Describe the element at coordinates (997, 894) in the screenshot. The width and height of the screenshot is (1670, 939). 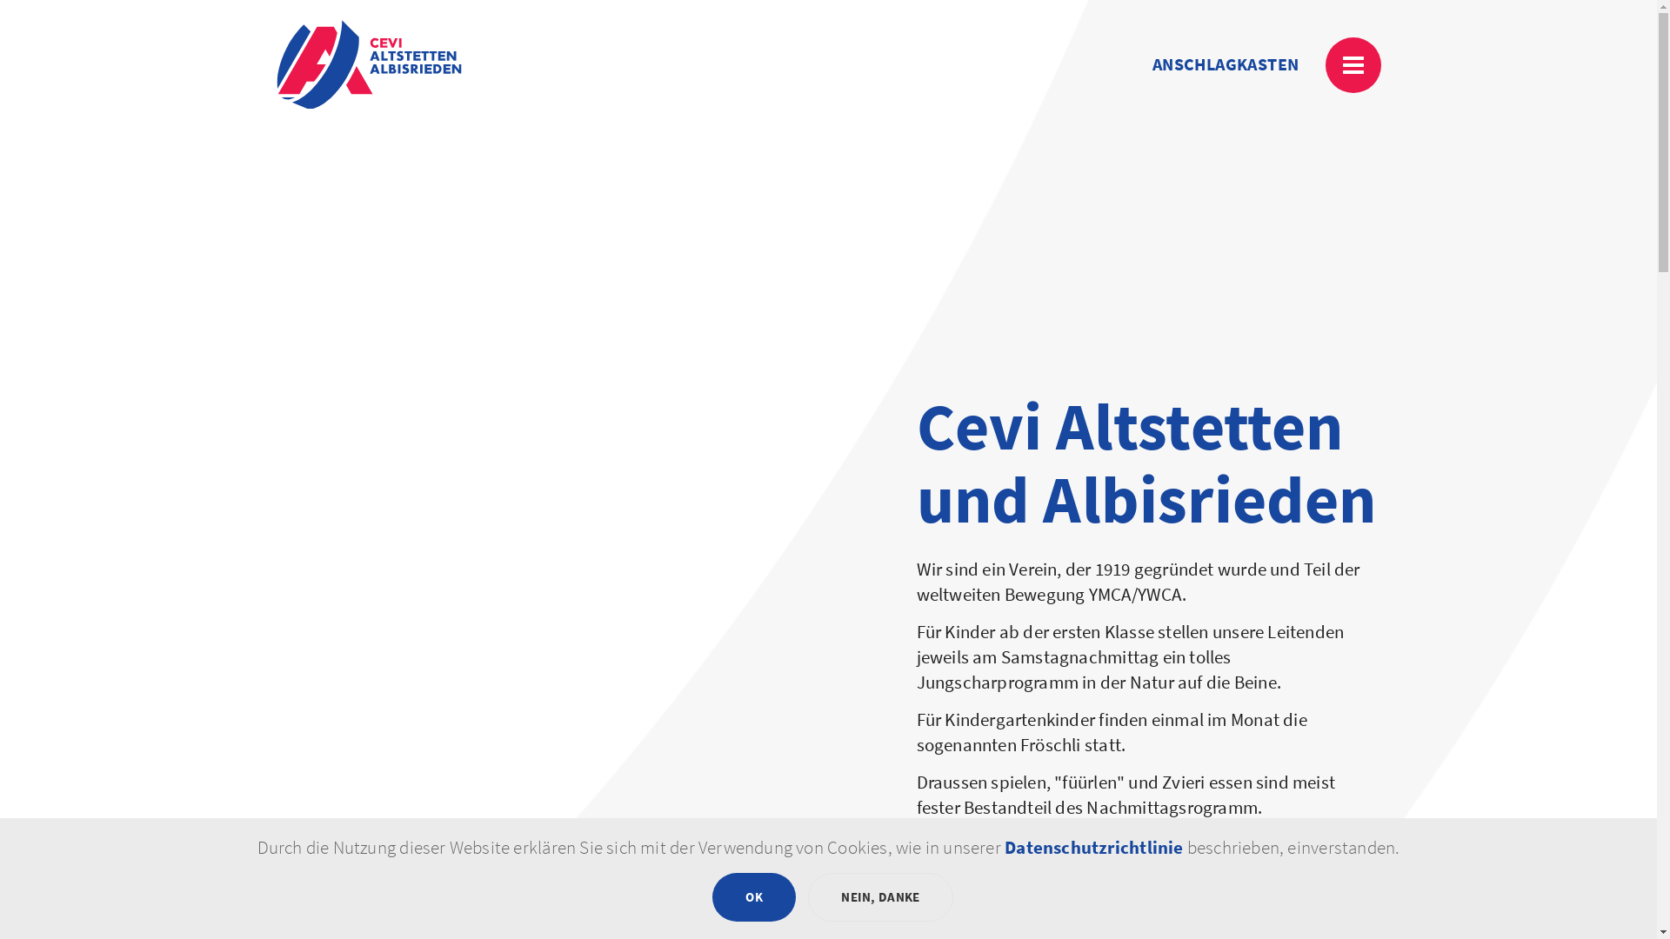
I see `'UNSER VEREIN'` at that location.